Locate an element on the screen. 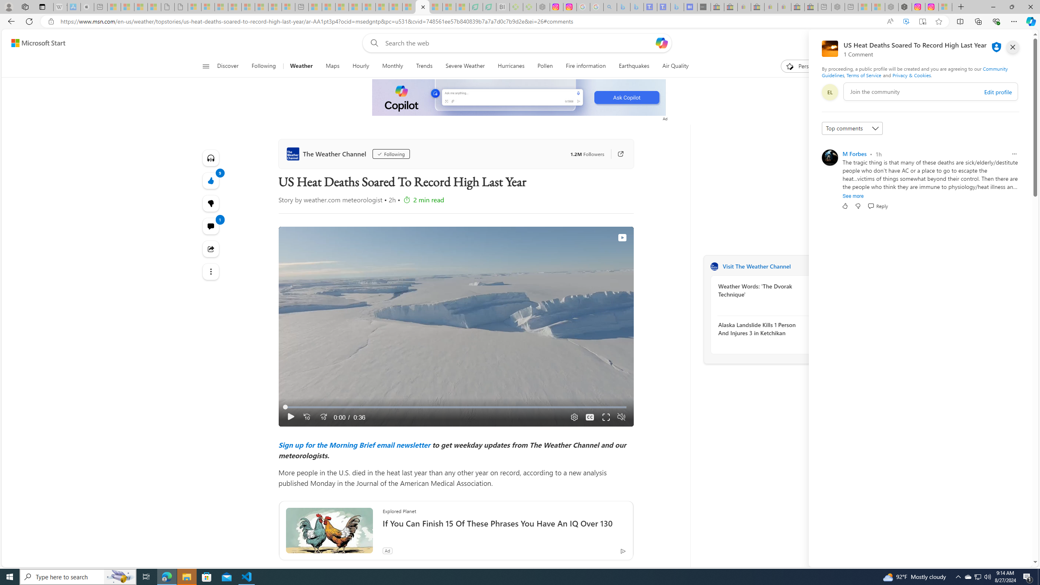 Image resolution: width=1040 pixels, height=585 pixels. 'Trends' is located at coordinates (424, 66).